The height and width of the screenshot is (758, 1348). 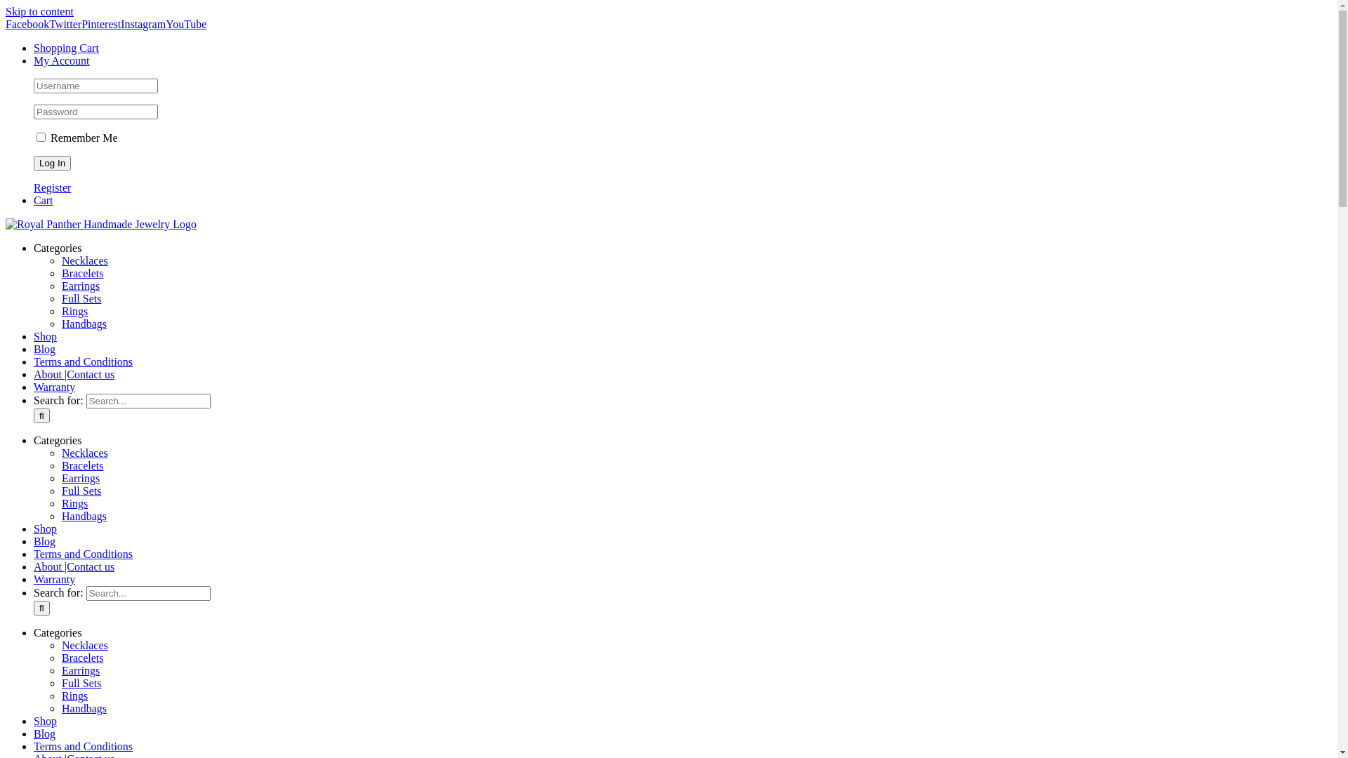 What do you see at coordinates (44, 200) in the screenshot?
I see `'Cart'` at bounding box center [44, 200].